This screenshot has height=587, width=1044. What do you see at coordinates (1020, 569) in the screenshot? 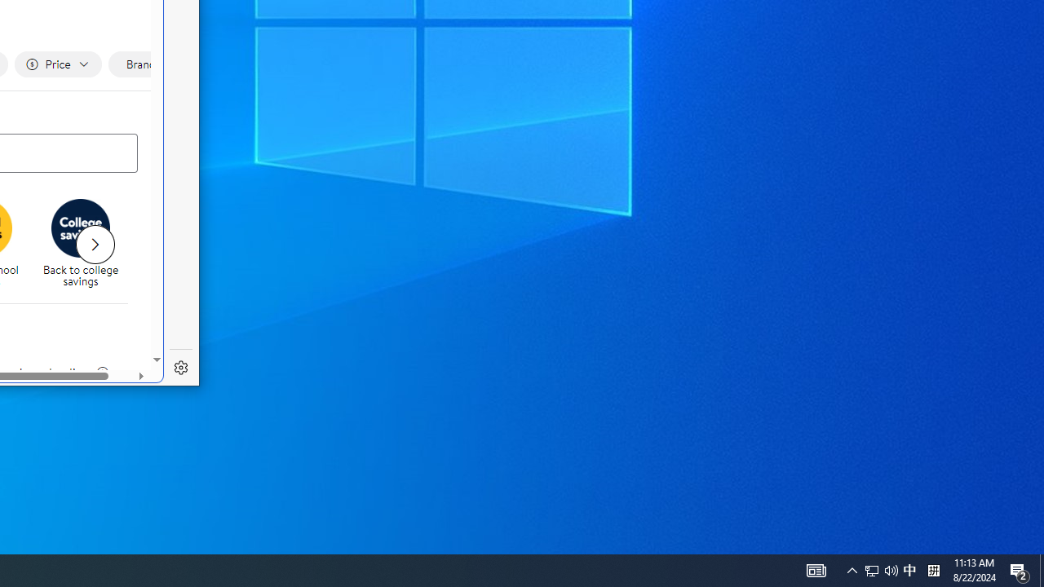
I see `'Action Center, 2 new notifications'` at bounding box center [1020, 569].